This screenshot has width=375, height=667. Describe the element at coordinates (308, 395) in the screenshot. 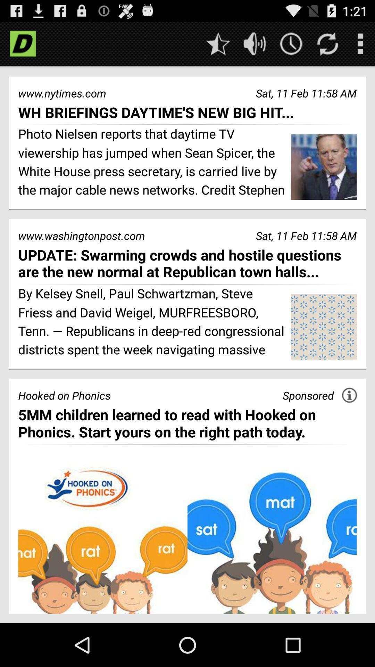

I see `the item above 5mm children learned icon` at that location.